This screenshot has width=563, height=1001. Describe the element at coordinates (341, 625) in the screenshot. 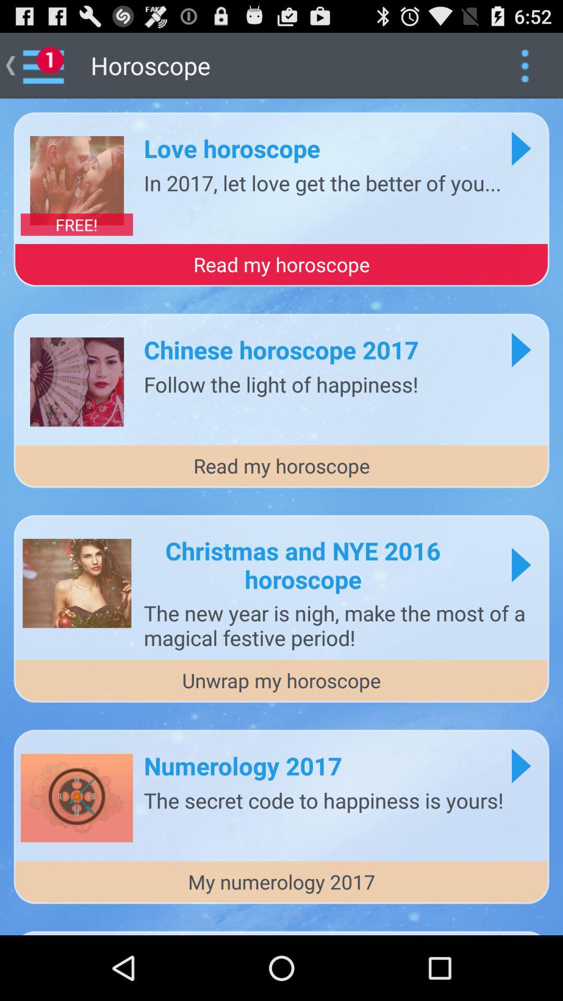

I see `app above unwrap my horoscope item` at that location.